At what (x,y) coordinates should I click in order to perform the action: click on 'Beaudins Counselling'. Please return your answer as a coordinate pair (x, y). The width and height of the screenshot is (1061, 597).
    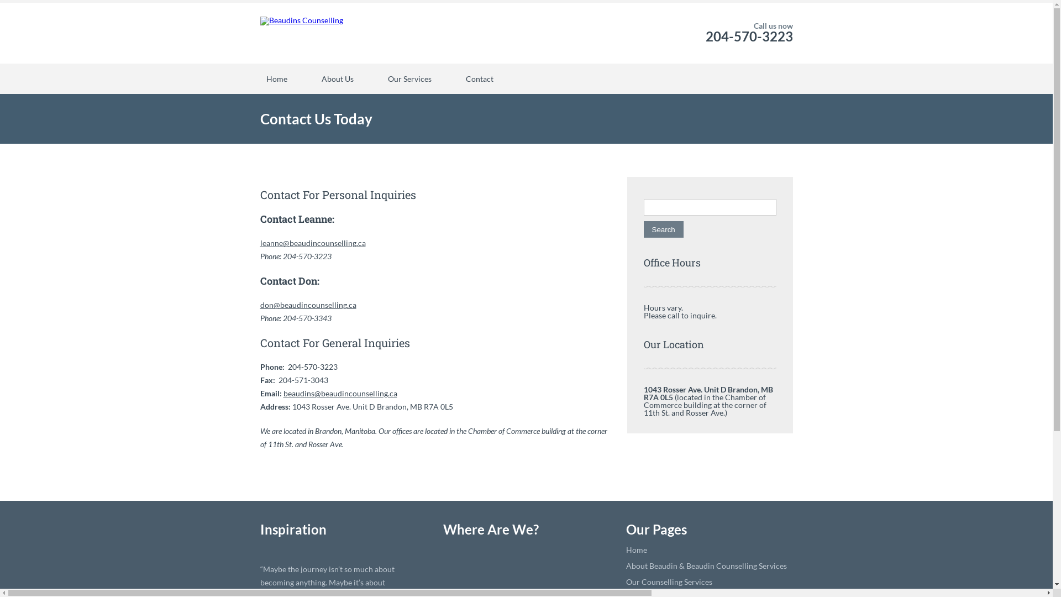
    Looking at the image, I should click on (301, 33).